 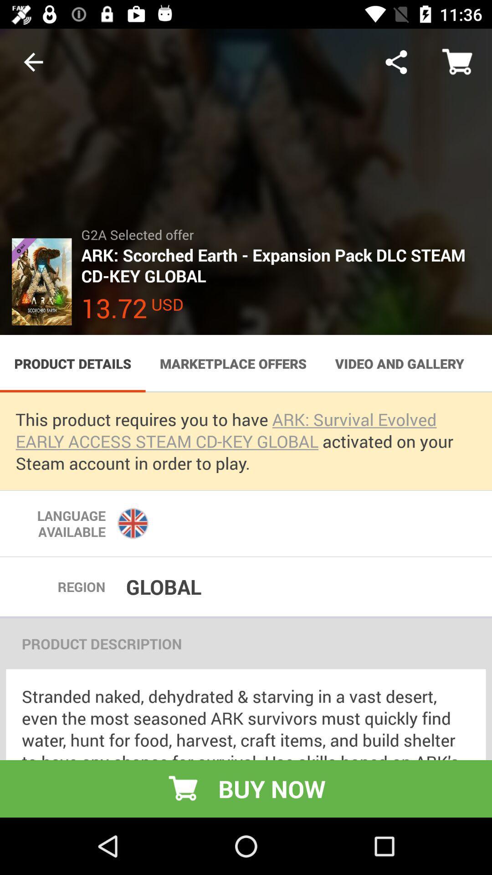 What do you see at coordinates (396, 62) in the screenshot?
I see `the icon above g2a selected offer` at bounding box center [396, 62].